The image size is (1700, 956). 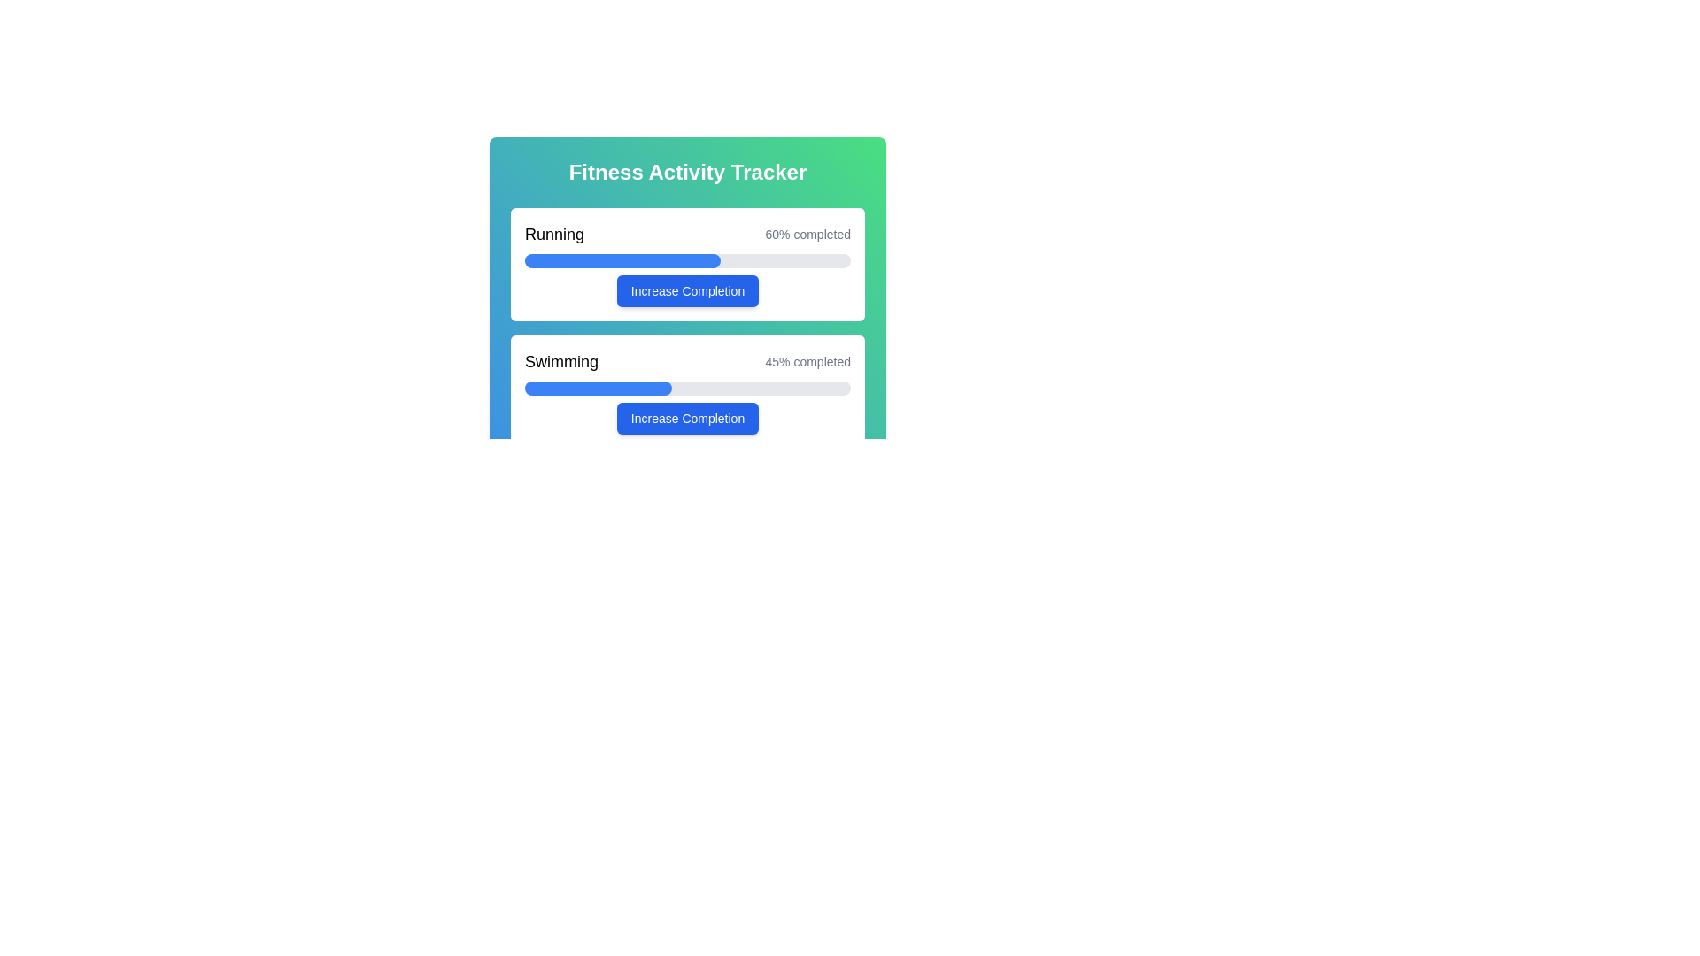 I want to click on progress details from the 'Swimming' card, which is the second card in a vertically stacked list, displaying '45% completed' and a blue progress bar, so click(x=687, y=391).